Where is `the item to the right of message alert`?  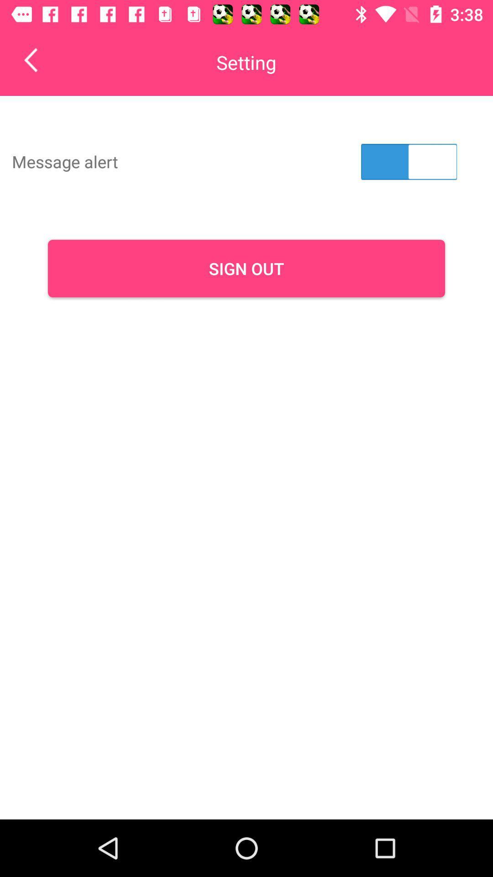
the item to the right of message alert is located at coordinates (409, 162).